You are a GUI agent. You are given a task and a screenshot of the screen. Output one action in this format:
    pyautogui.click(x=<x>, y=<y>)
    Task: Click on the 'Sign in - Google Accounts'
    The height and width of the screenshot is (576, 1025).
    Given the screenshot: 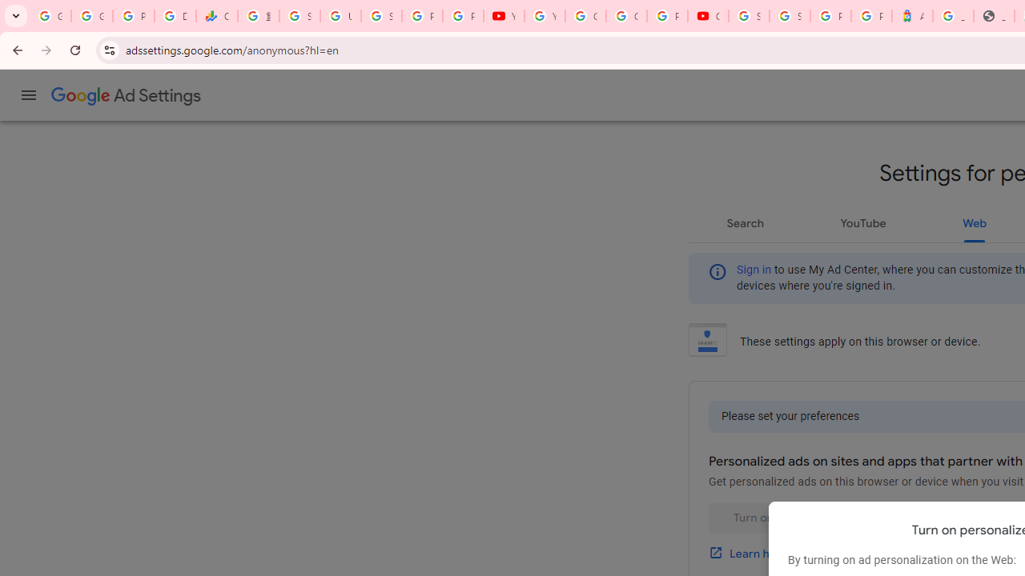 What is the action you would take?
    pyautogui.click(x=300, y=16)
    